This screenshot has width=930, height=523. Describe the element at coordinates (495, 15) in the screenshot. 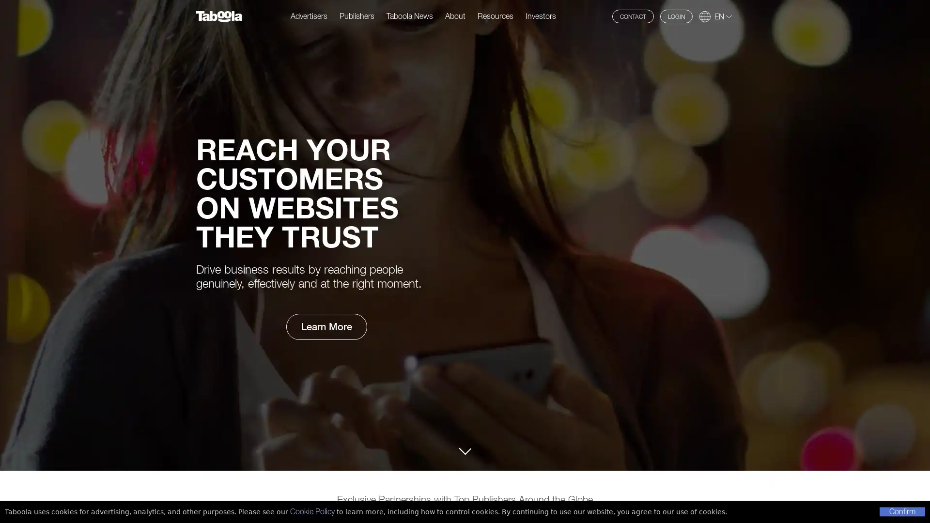

I see `Resources` at that location.